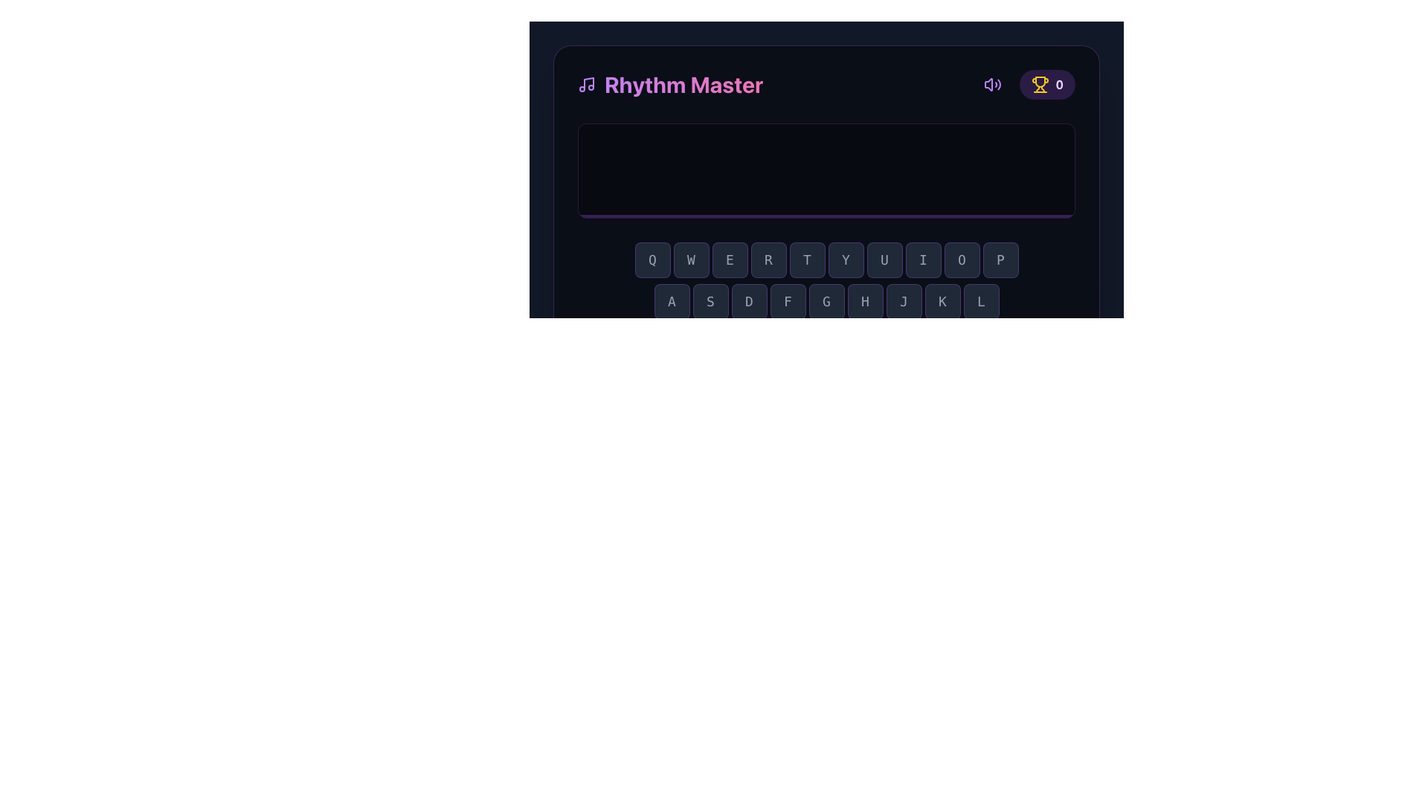  Describe the element at coordinates (806, 259) in the screenshot. I see `the square-shaped button displaying the character 'T', which is the fifth key in a row of keyboard buttons, located between 'R' and 'Y'` at that location.